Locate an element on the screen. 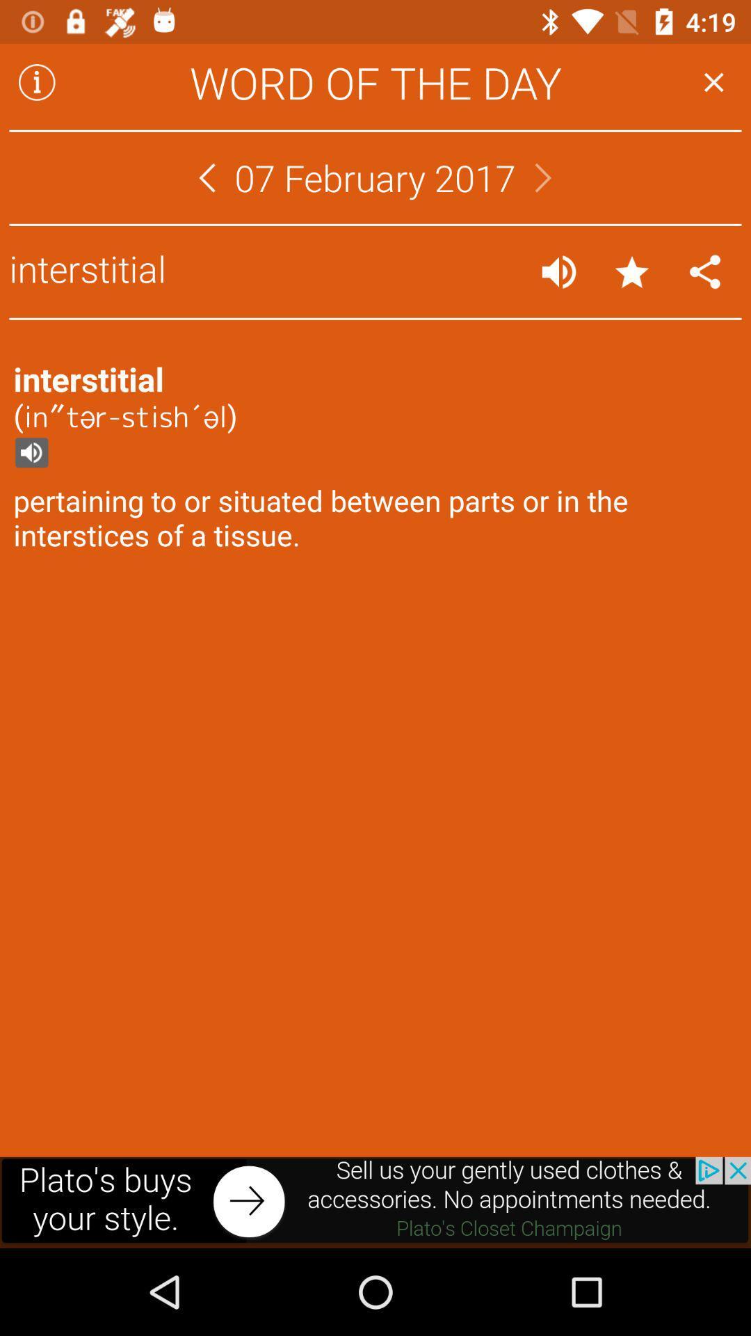 This screenshot has height=1336, width=751. audio volume is located at coordinates (558, 271).